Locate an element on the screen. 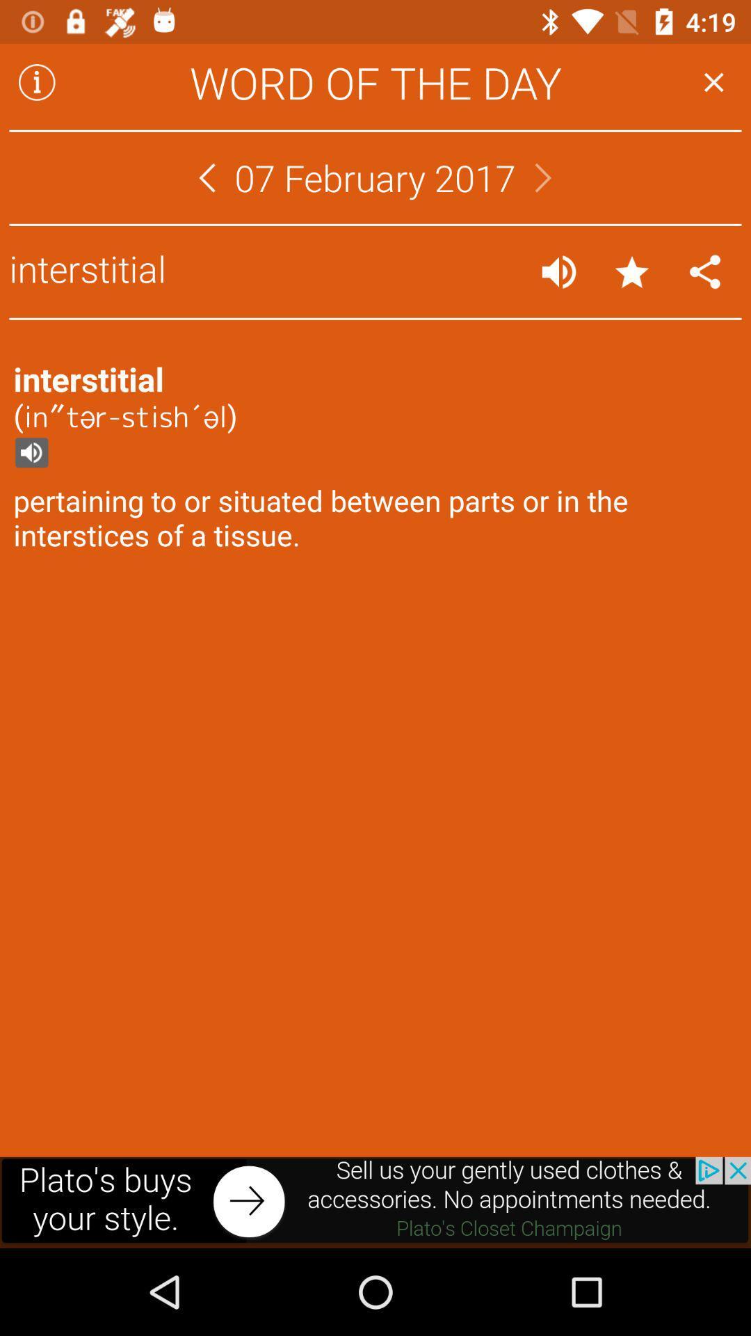 This screenshot has height=1336, width=751. audio volume is located at coordinates (558, 271).